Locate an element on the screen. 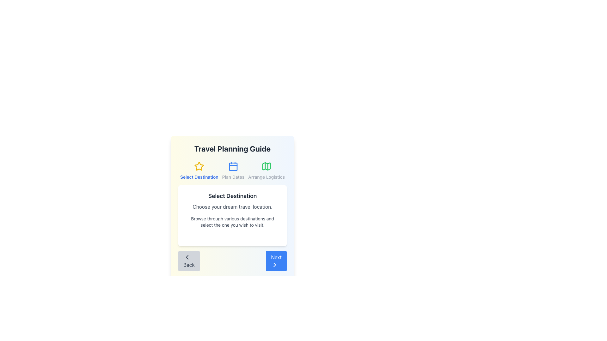  the section header Text Label that provides a title for the content below it, which includes instructions for choosing a travel location is located at coordinates (232, 196).